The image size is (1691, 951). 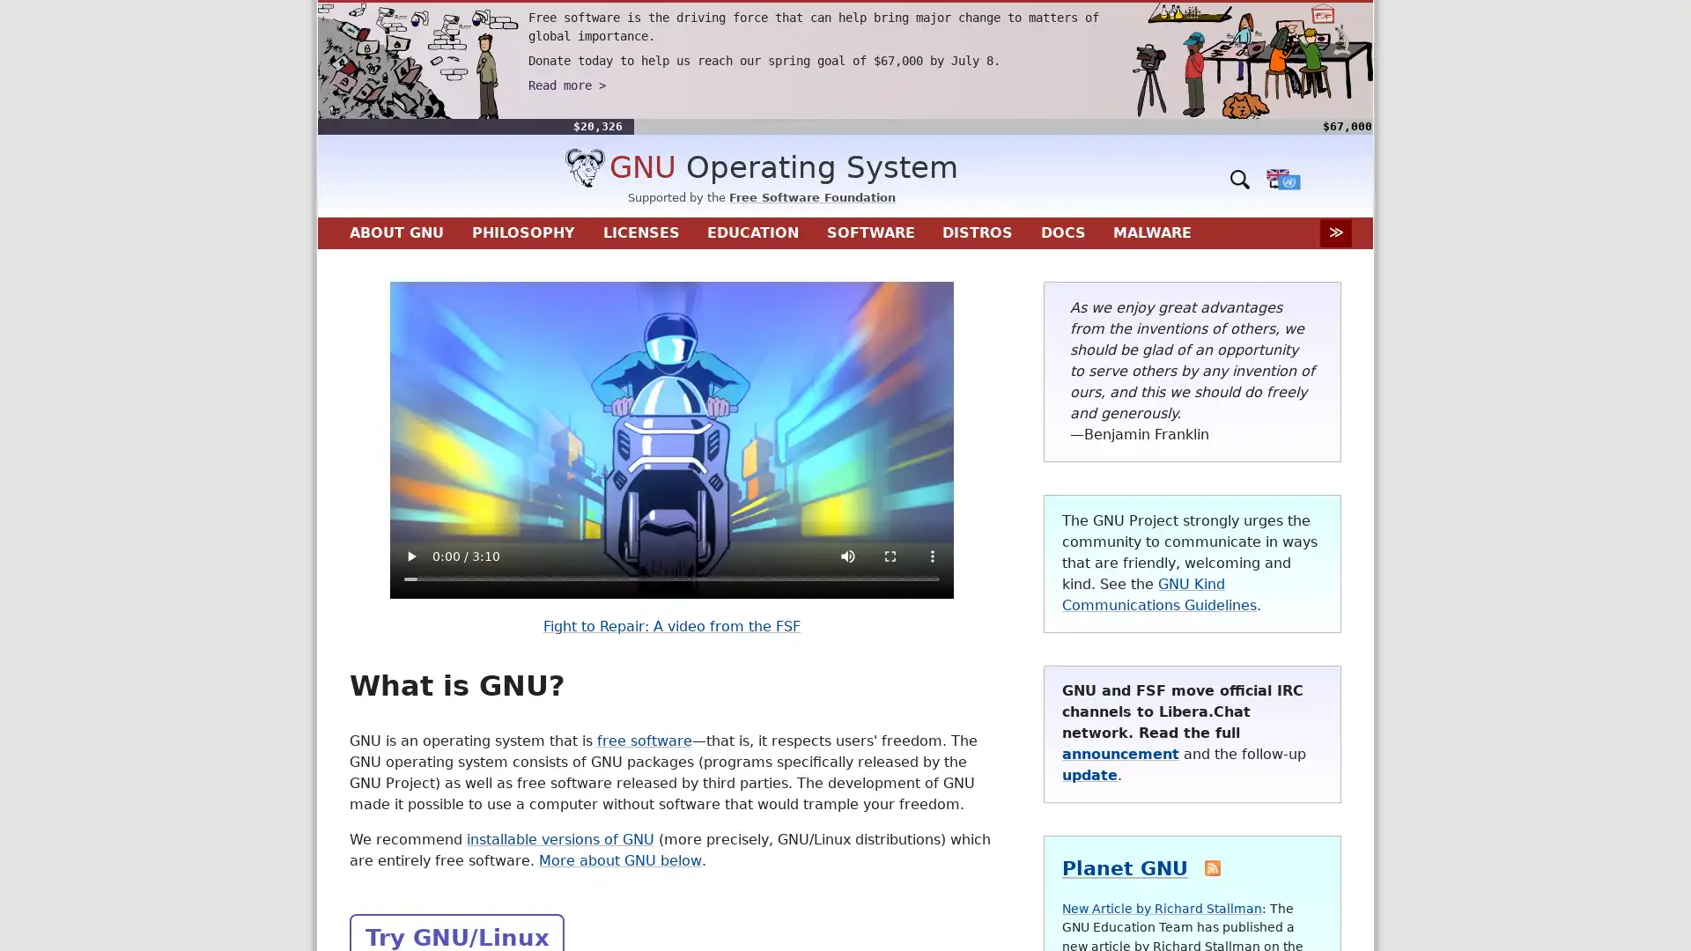 I want to click on show more media controls, so click(x=930, y=557).